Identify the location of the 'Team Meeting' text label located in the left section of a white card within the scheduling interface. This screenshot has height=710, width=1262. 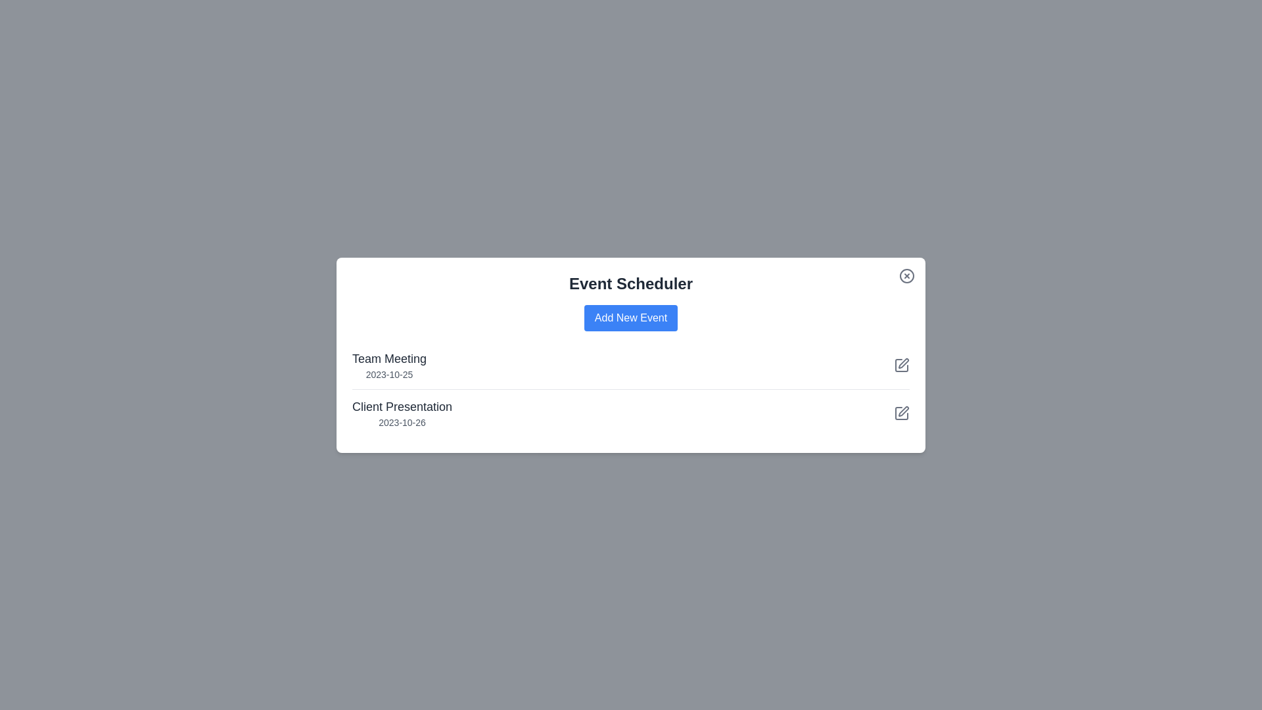
(388, 358).